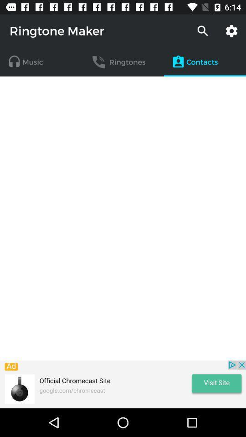 This screenshot has height=437, width=246. I want to click on a link to an advertisement, so click(123, 384).